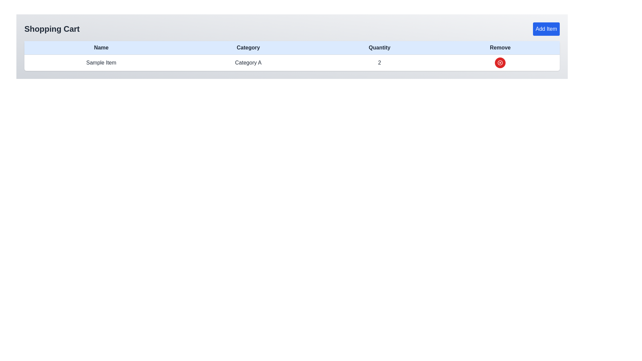 This screenshot has width=642, height=361. What do you see at coordinates (500, 63) in the screenshot?
I see `the circular red button with a white cross icon inside it, located in the 'Remove' column of the table, aligned with 'Sample Item', 'Category A', and '2' in the respective columns` at bounding box center [500, 63].